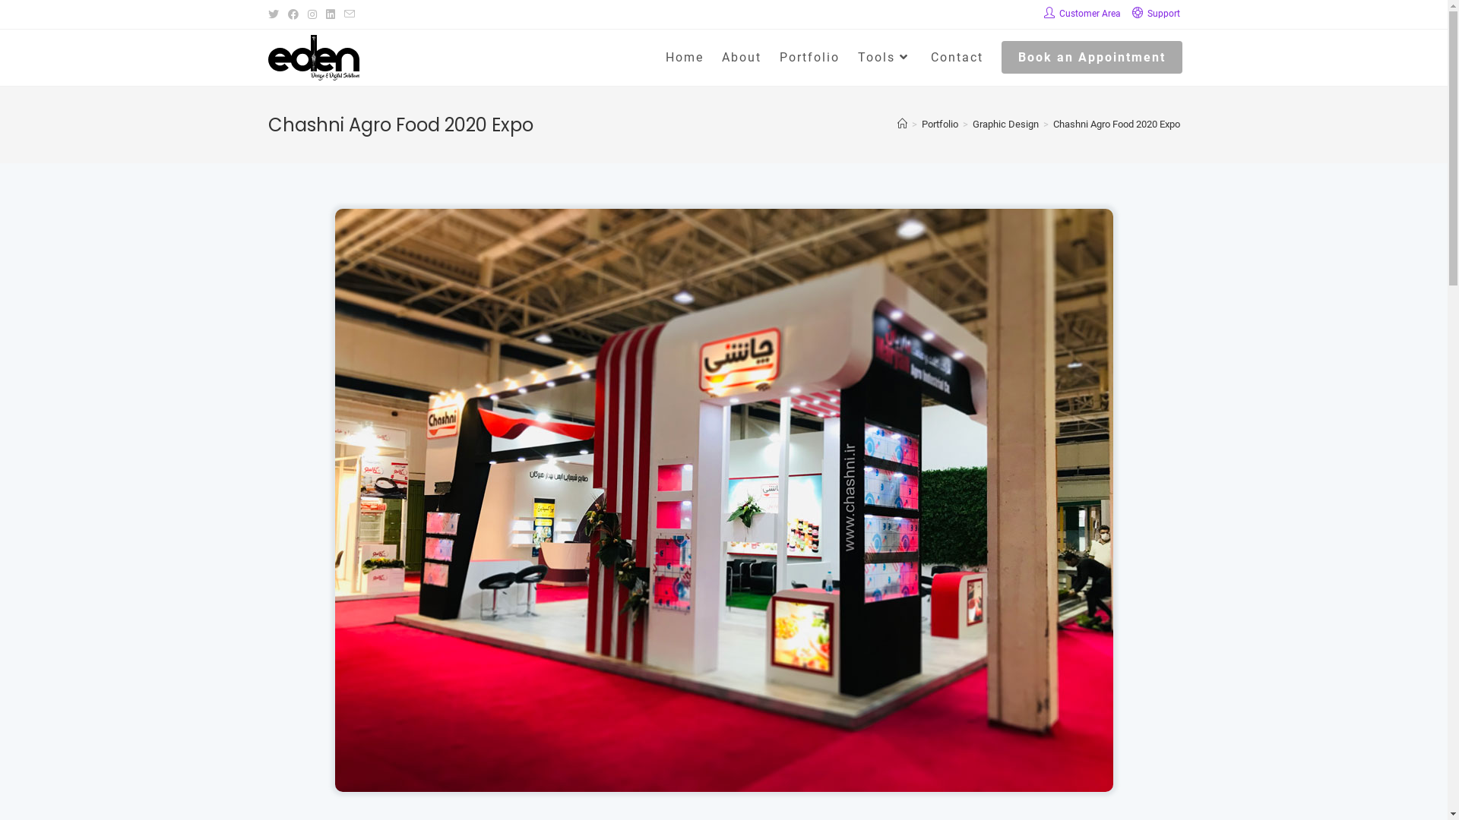 The image size is (1459, 820). What do you see at coordinates (955, 57) in the screenshot?
I see `'Contact'` at bounding box center [955, 57].